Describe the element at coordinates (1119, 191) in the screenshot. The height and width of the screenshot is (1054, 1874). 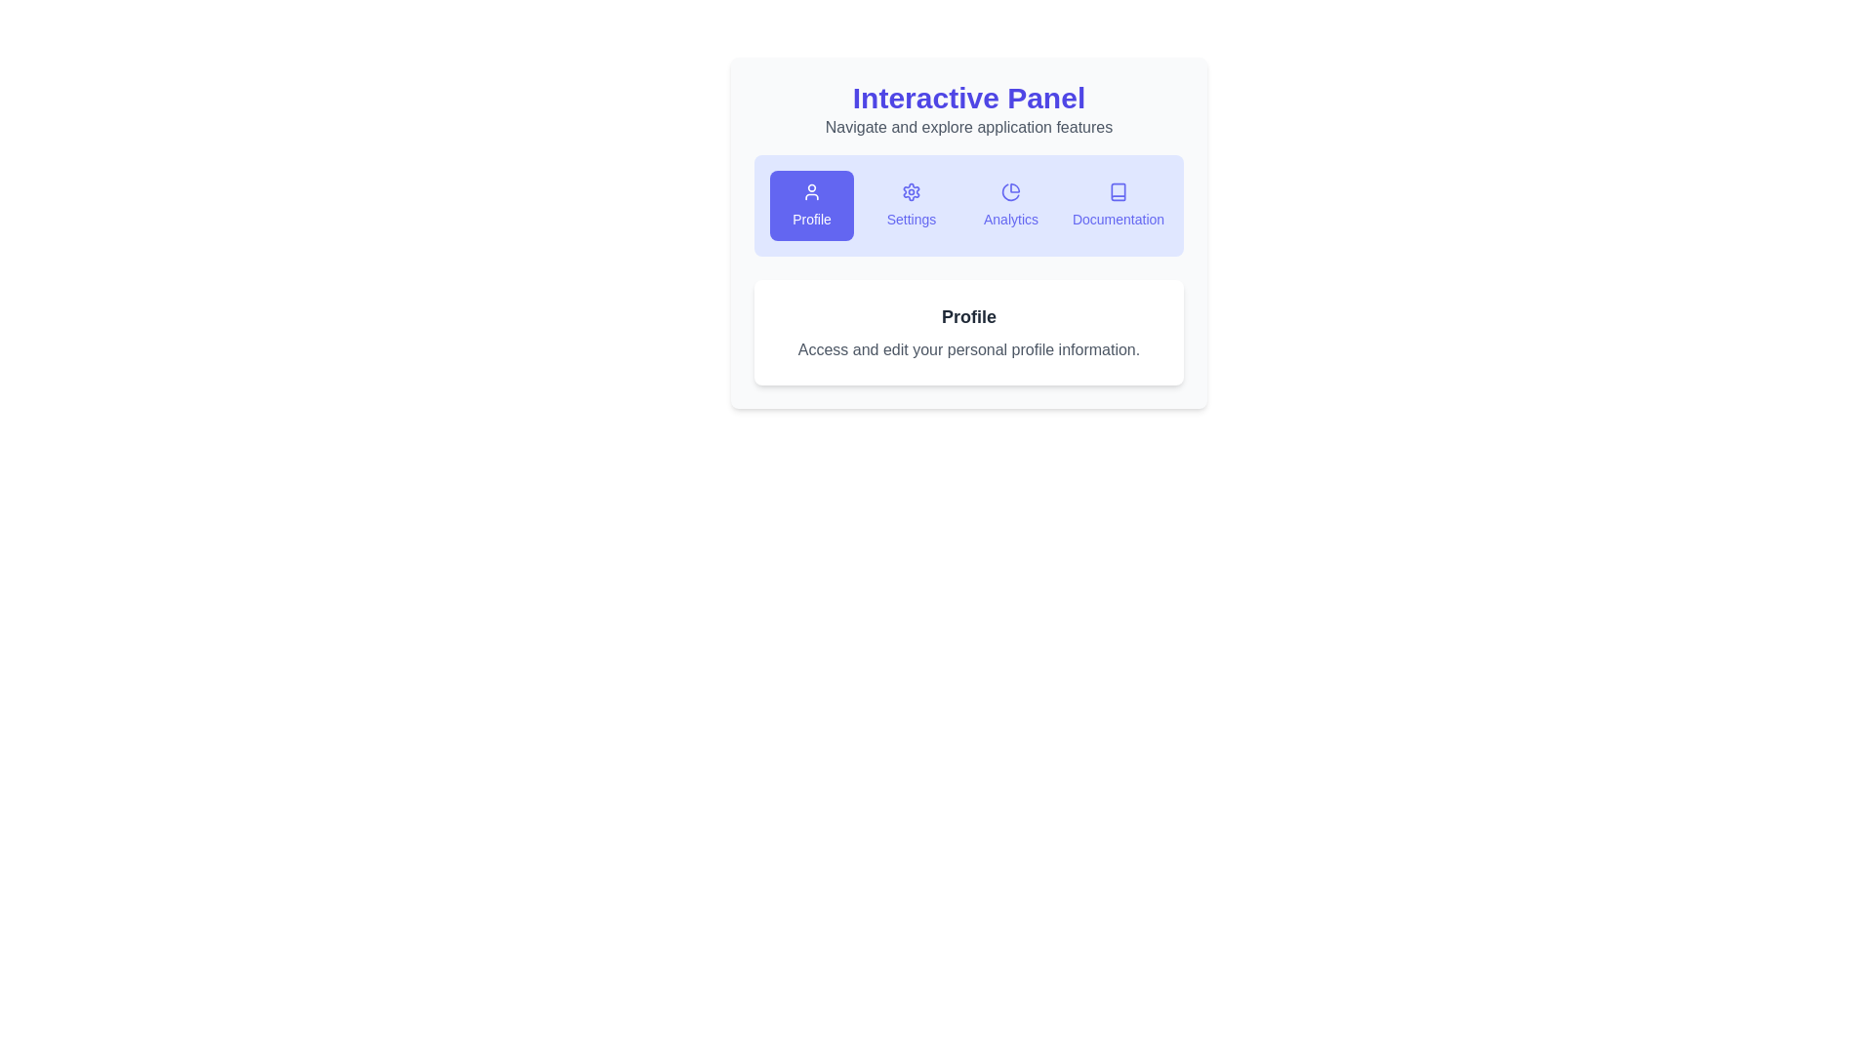
I see `the fourth icon in the top-right corner of the toolbar, which represents 'Documentation' or related resources` at that location.